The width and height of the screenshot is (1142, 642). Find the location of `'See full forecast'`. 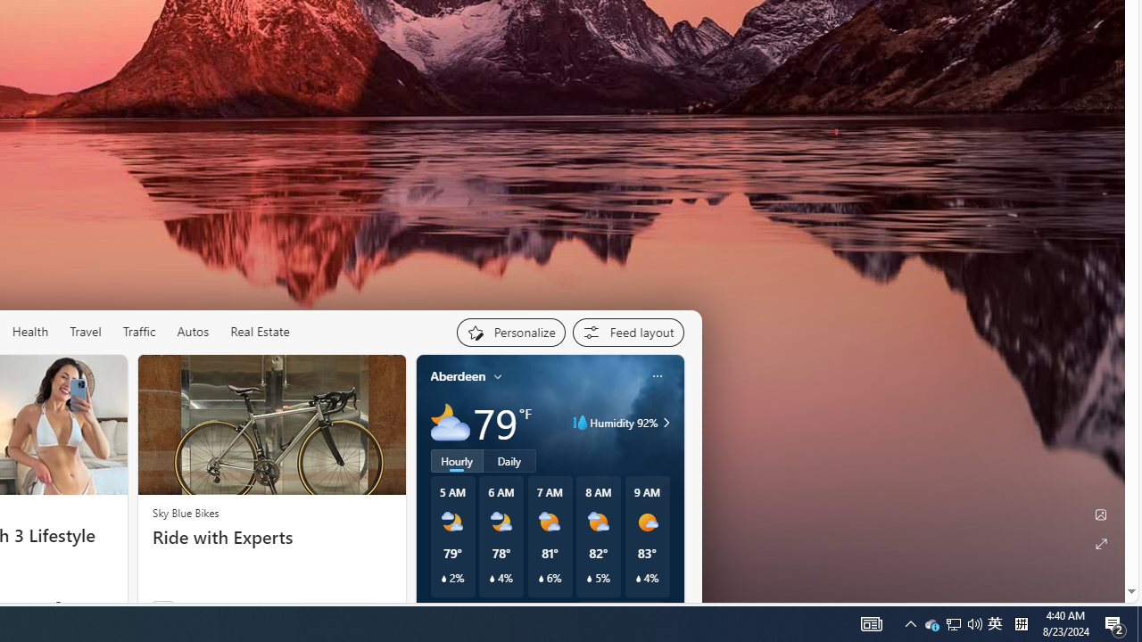

'See full forecast' is located at coordinates (620, 610).